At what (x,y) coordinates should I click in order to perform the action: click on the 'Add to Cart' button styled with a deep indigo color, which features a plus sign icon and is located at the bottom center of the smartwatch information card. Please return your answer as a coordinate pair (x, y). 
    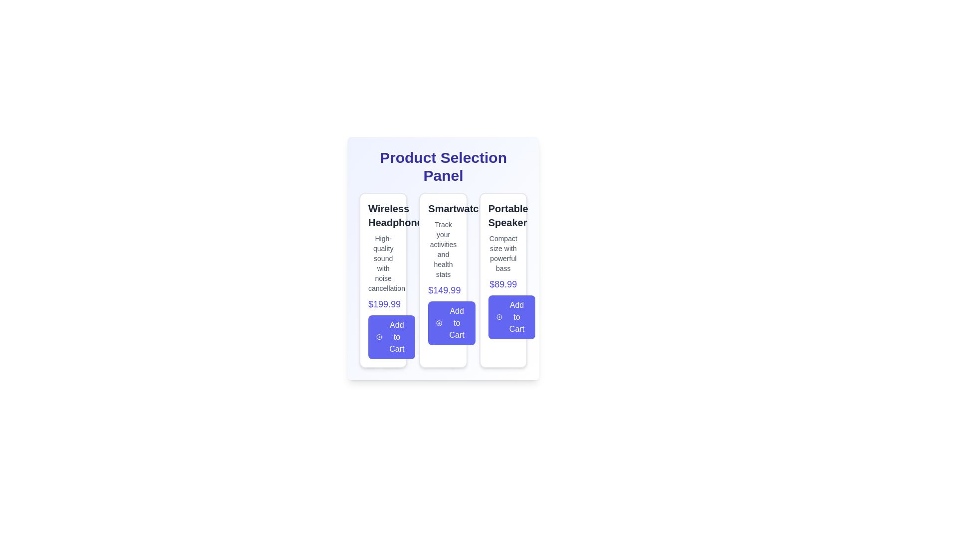
    Looking at the image, I should click on (451, 323).